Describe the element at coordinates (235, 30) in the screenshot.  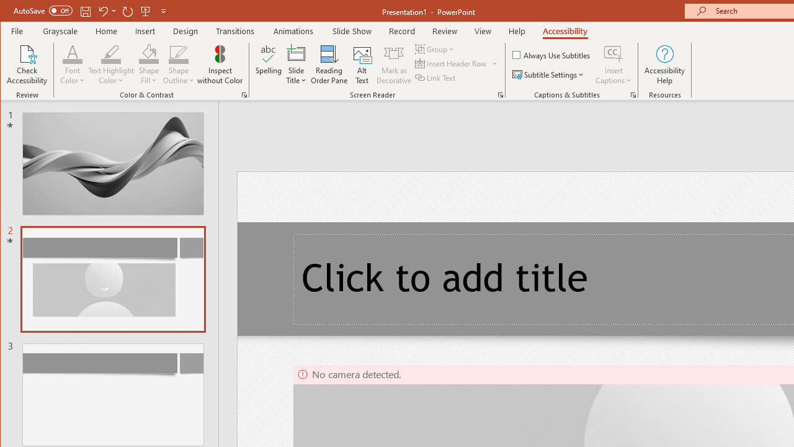
I see `'Transitions'` at that location.